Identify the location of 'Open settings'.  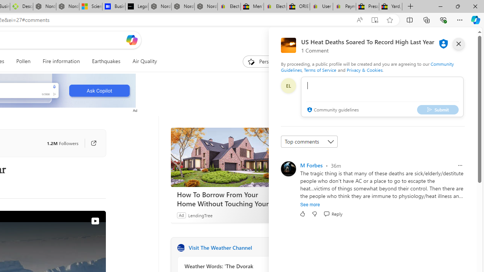
(459, 40).